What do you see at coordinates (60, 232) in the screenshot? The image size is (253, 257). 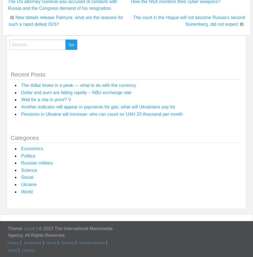 I see `'© 2023 The International Massmedia Agency. All Rights Reserved.'` at bounding box center [60, 232].